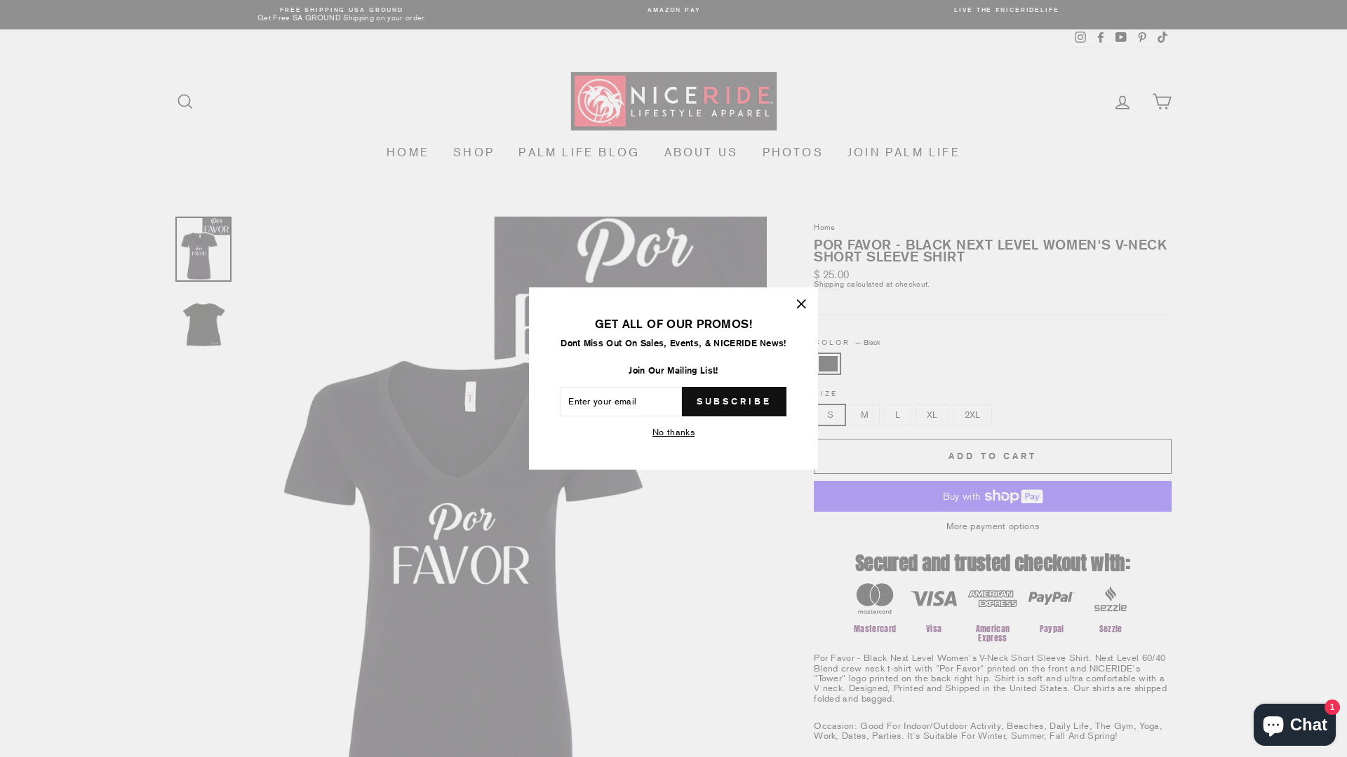 This screenshot has width=1347, height=757. What do you see at coordinates (1100, 37) in the screenshot?
I see `'Facebook'` at bounding box center [1100, 37].